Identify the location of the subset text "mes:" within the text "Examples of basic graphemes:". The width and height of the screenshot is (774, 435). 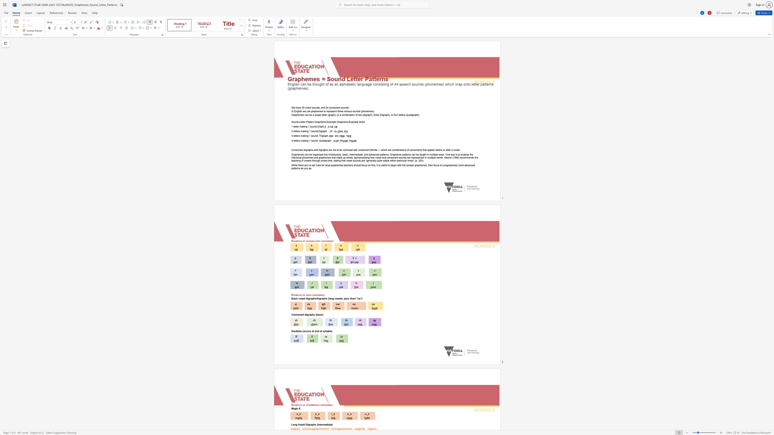
(320, 295).